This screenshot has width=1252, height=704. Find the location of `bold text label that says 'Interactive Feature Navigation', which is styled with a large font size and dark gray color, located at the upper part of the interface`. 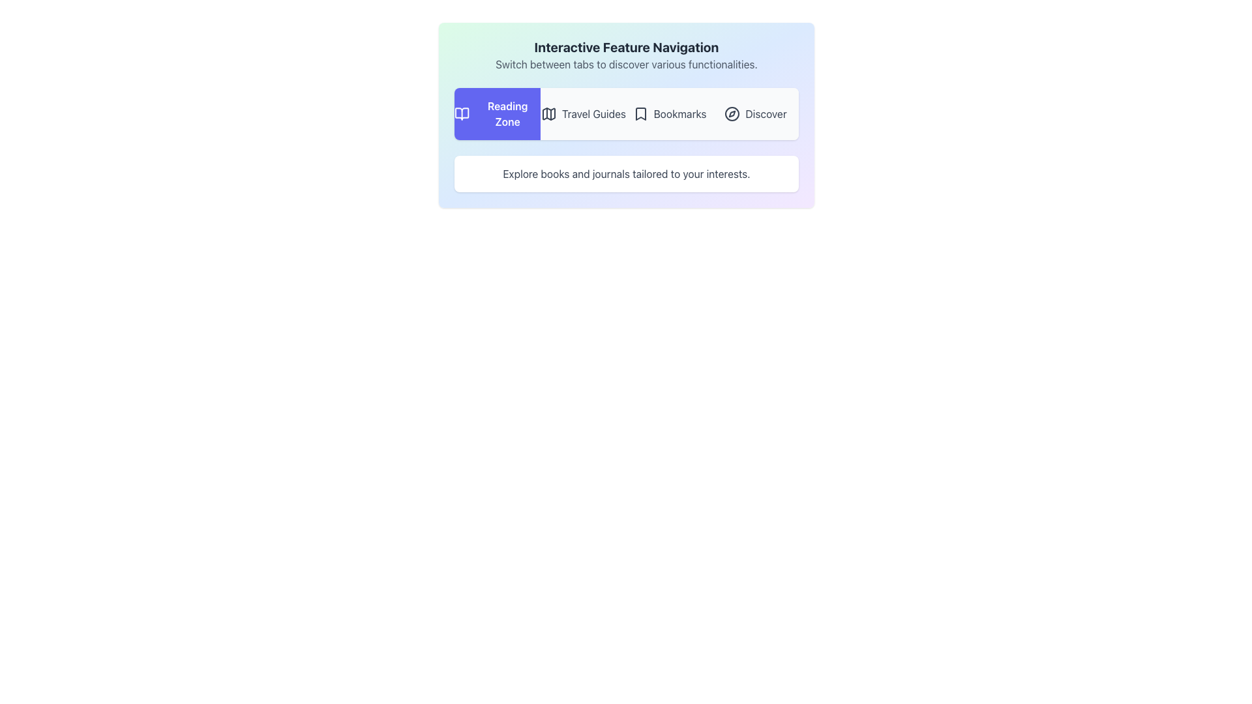

bold text label that says 'Interactive Feature Navigation', which is styled with a large font size and dark gray color, located at the upper part of the interface is located at coordinates (626, 47).